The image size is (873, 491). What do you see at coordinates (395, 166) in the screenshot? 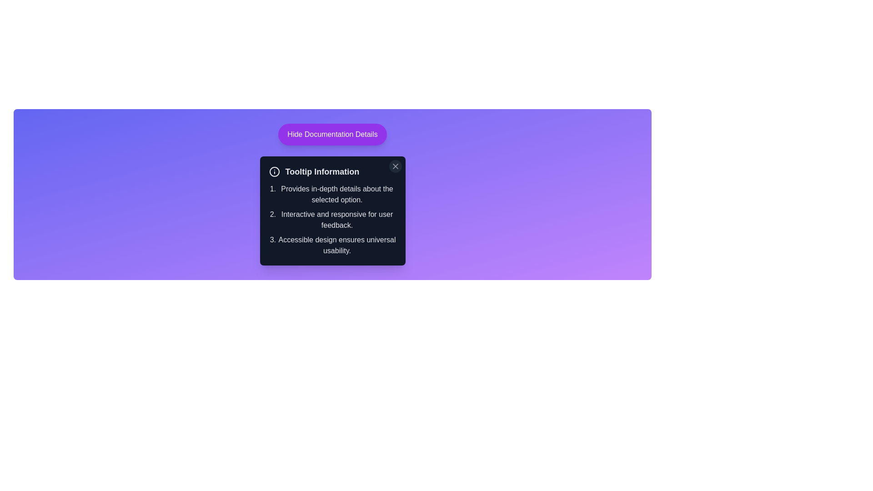
I see `the small 'X' icon button located in the top-right corner of the tooltip with a dark background` at bounding box center [395, 166].